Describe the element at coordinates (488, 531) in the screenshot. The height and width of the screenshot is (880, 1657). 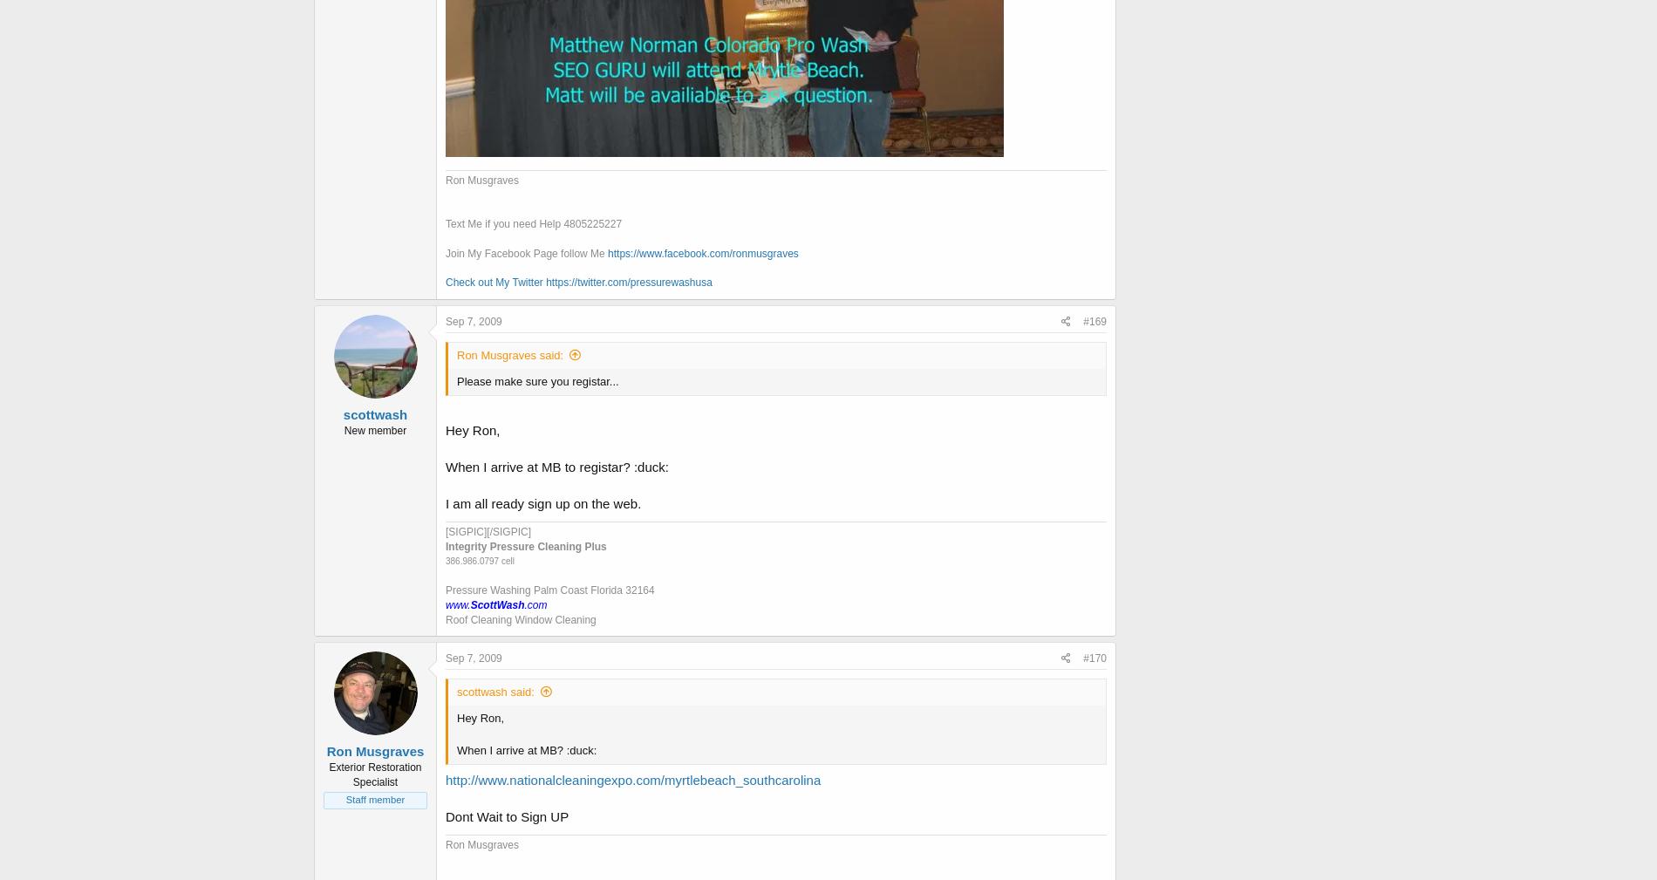
I see `'[SIGPIC][/SIGPIC]'` at that location.